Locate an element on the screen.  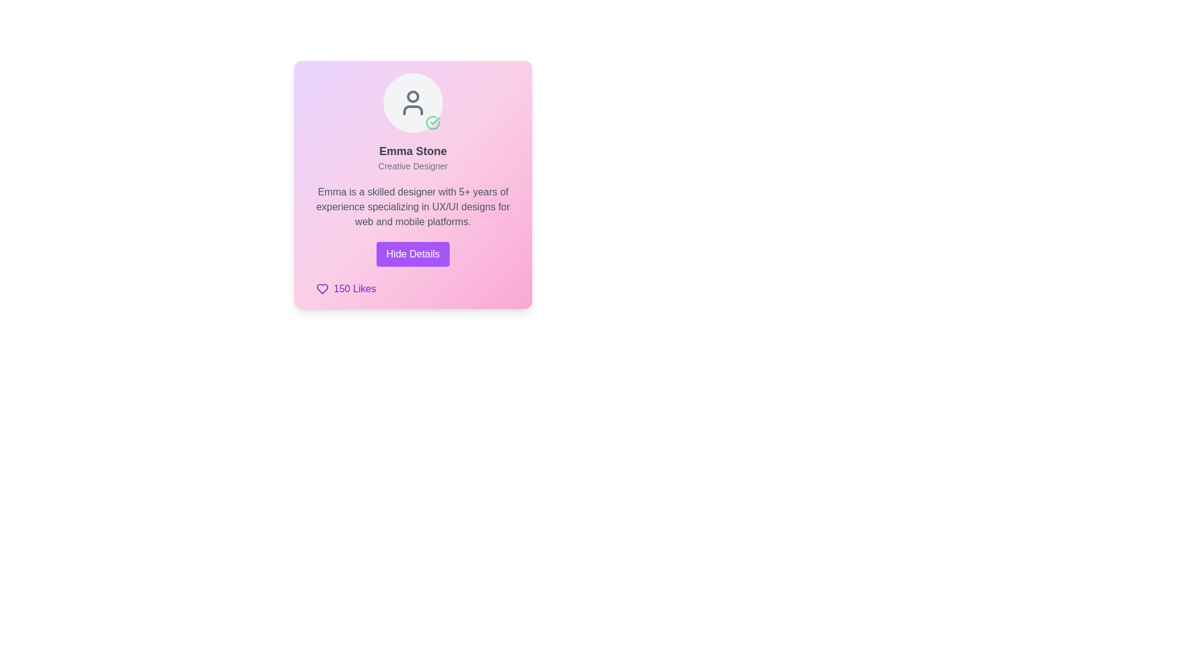
the heart-shaped icon with a purple outline located to the left of the '150 Likes' text to like or unlike is located at coordinates (322, 289).